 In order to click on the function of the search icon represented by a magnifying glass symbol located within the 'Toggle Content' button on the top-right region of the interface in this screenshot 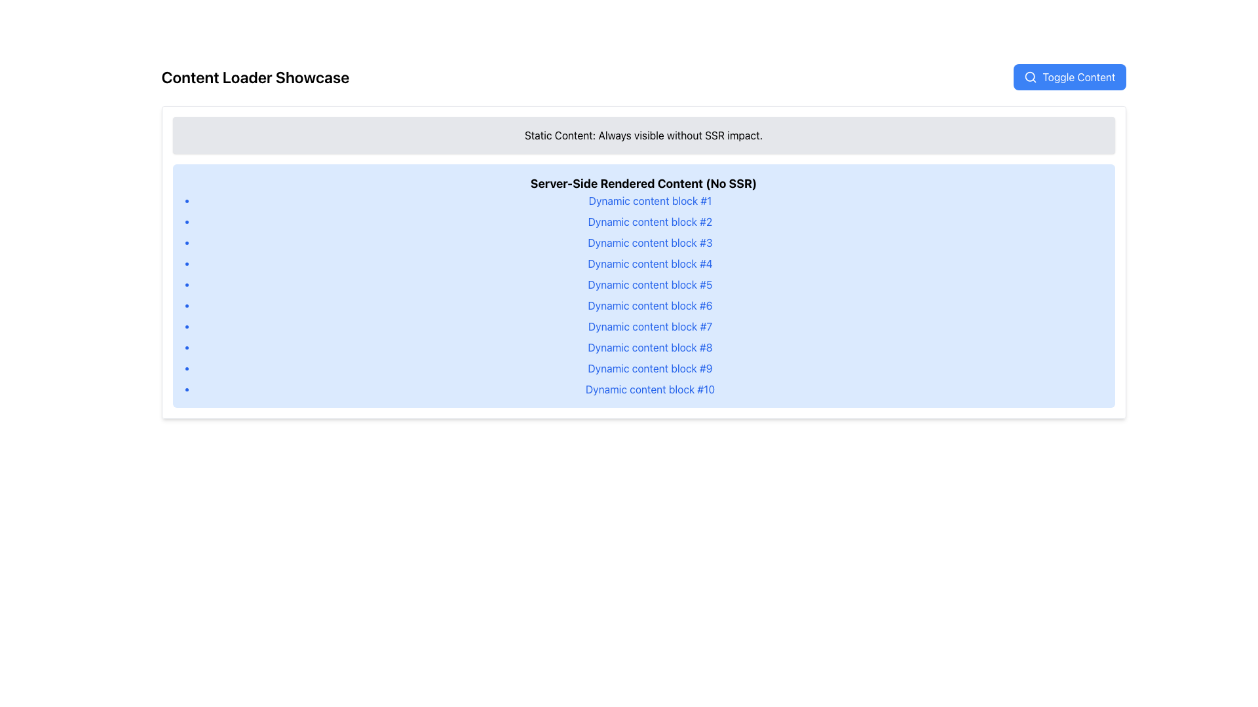, I will do `click(1030, 77)`.